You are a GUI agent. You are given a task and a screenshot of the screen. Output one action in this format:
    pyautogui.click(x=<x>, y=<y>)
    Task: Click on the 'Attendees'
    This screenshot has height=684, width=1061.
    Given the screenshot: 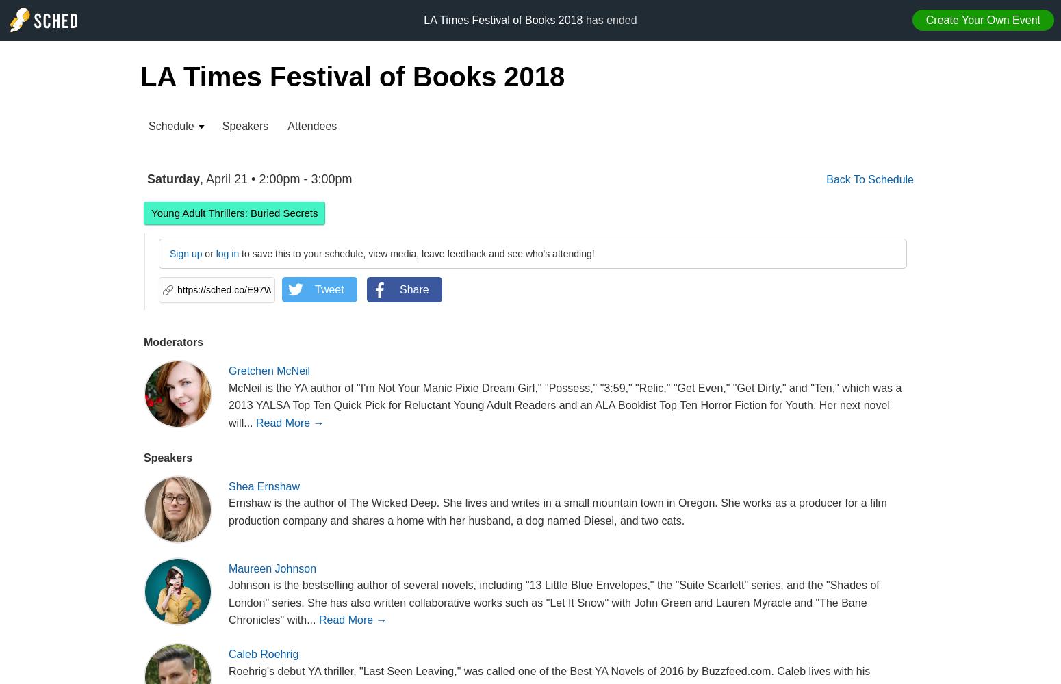 What is the action you would take?
    pyautogui.click(x=312, y=126)
    